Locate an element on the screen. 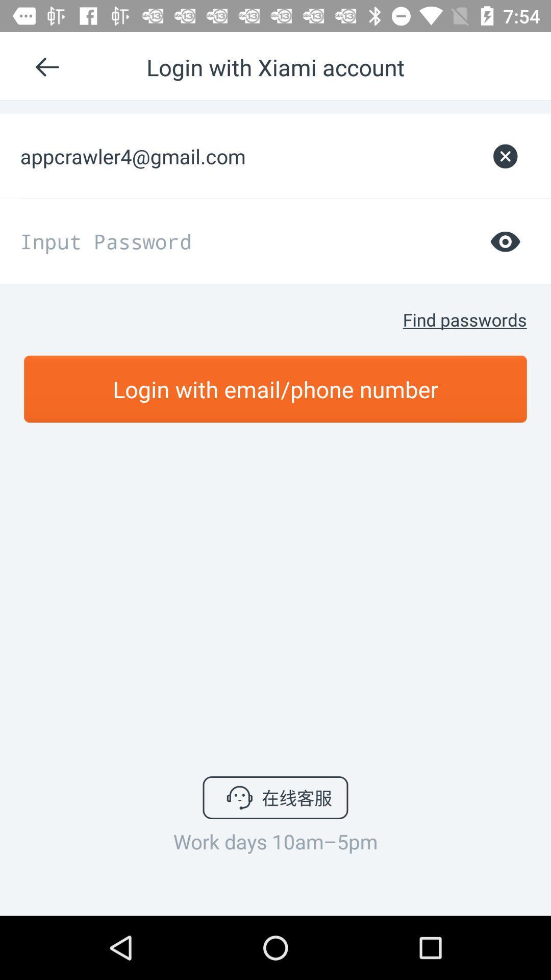  top left corner button is located at coordinates (52, 66).